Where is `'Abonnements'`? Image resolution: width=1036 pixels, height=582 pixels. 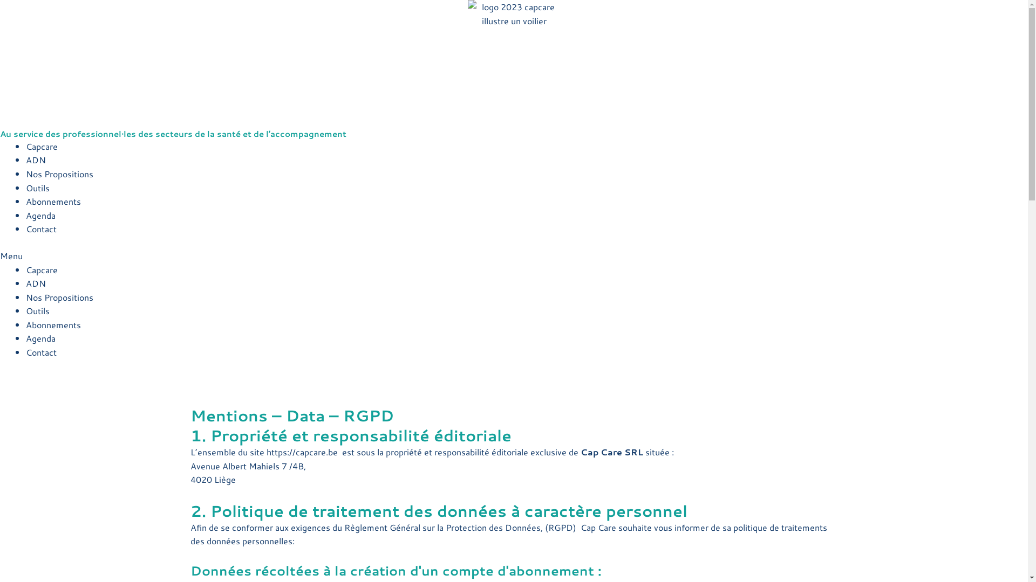 'Abonnements' is located at coordinates (26, 201).